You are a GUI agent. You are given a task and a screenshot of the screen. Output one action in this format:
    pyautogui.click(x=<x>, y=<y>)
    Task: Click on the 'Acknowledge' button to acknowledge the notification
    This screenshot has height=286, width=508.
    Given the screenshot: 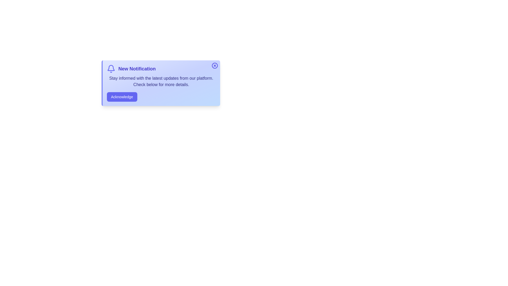 What is the action you would take?
    pyautogui.click(x=122, y=97)
    